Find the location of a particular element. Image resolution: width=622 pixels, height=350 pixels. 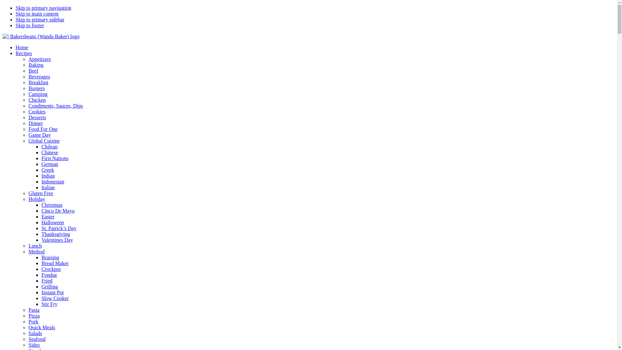

'Beef' is located at coordinates (33, 71).